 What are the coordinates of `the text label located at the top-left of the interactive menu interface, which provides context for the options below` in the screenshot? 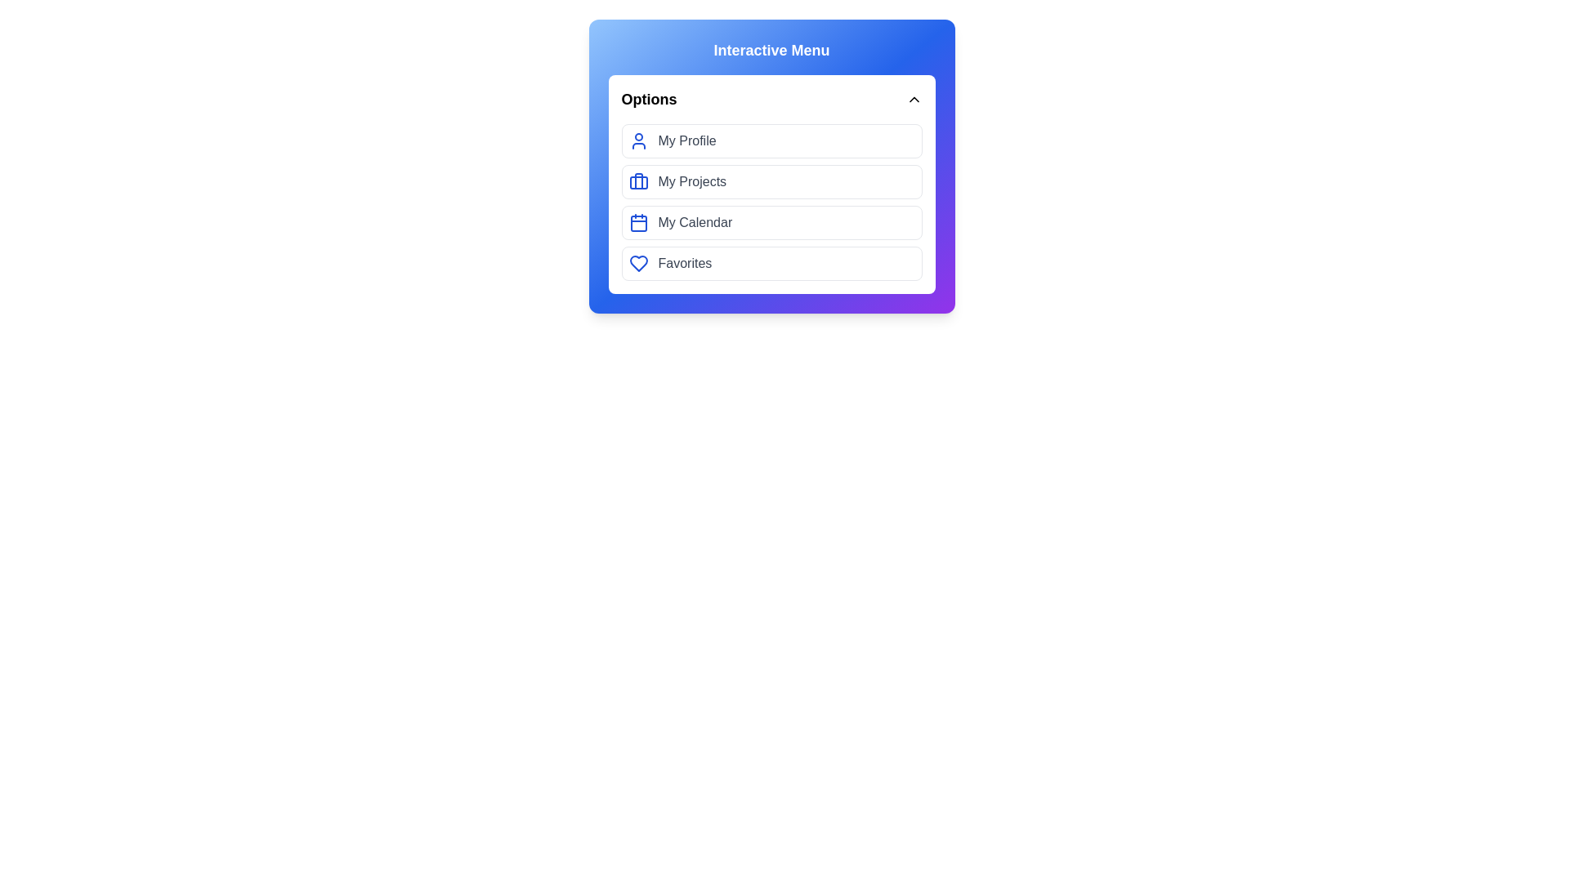 It's located at (648, 100).